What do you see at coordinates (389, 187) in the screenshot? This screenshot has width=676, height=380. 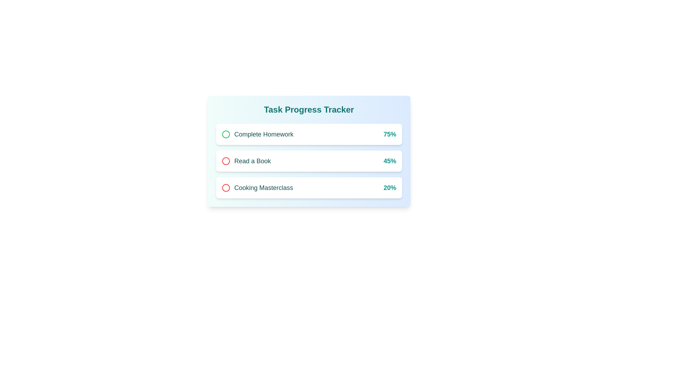 I see `the static text label displaying the progress percentage for the 'Cooking Masterclass' task, which is located in the right section of the content box and aligned with the 'Cooking Masterclass' text` at bounding box center [389, 187].